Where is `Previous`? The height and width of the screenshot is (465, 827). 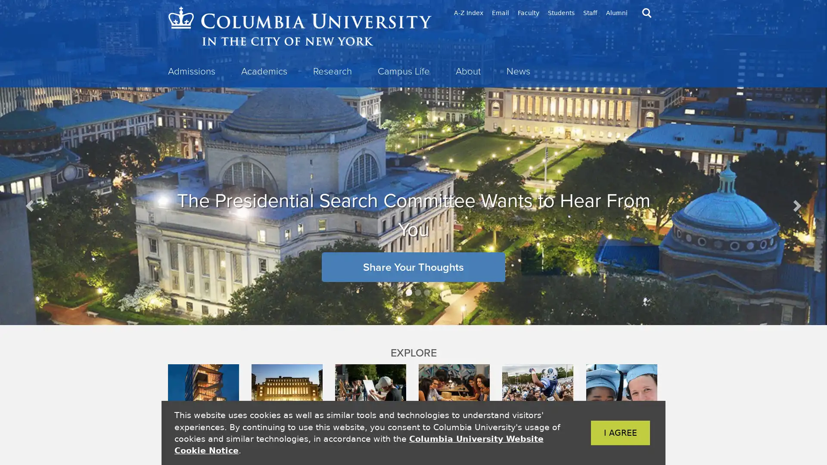 Previous is located at coordinates (31, 205).